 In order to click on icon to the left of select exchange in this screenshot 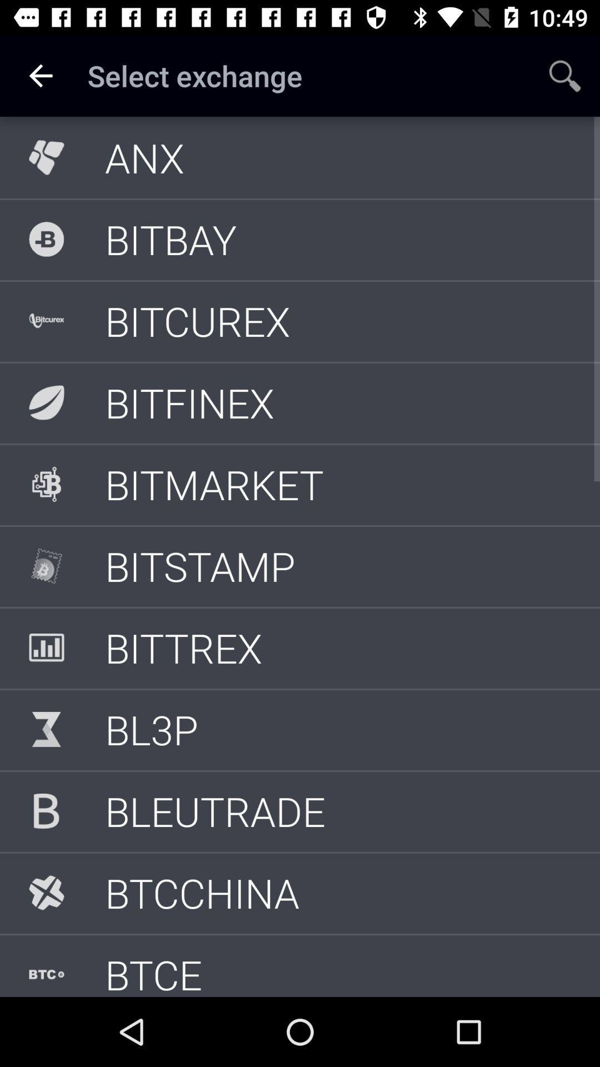, I will do `click(40, 75)`.